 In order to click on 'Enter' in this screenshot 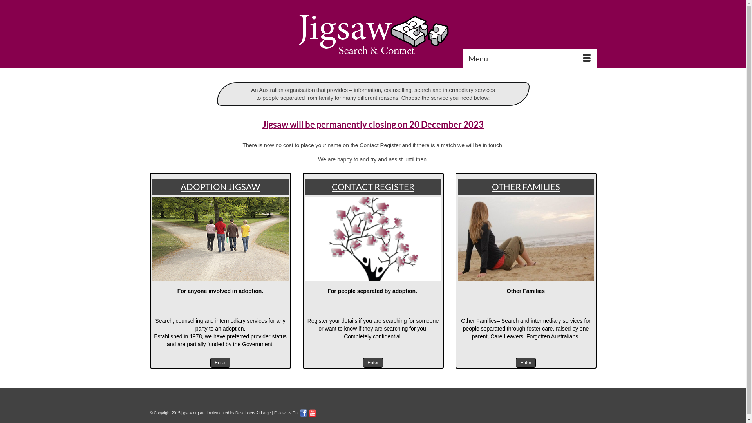, I will do `click(220, 362)`.